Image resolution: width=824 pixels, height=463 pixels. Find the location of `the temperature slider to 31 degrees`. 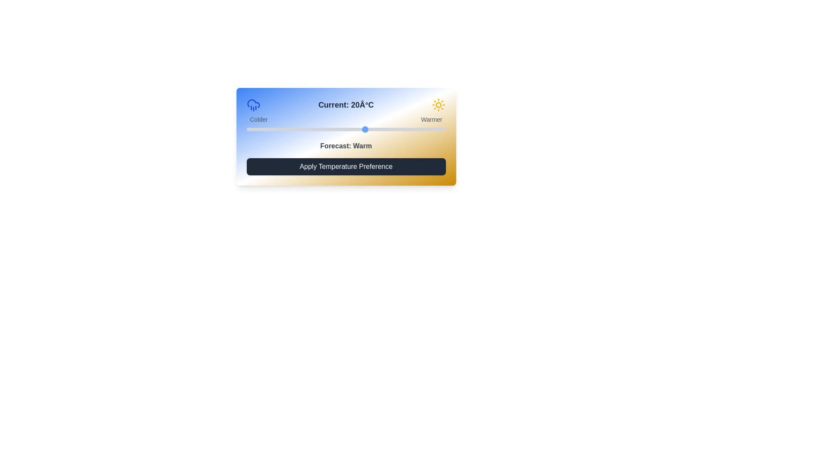

the temperature slider to 31 degrees is located at coordinates (409, 129).